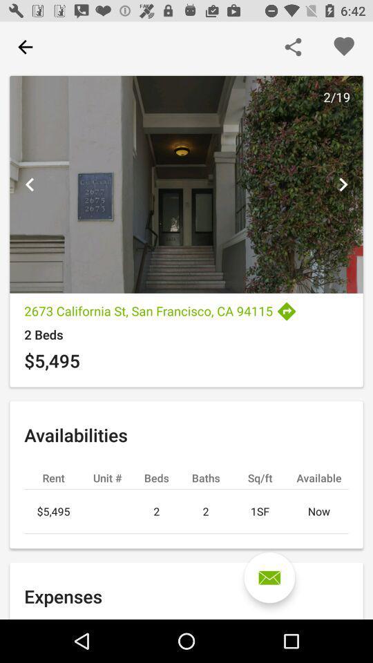  Describe the element at coordinates (292, 47) in the screenshot. I see `share` at that location.